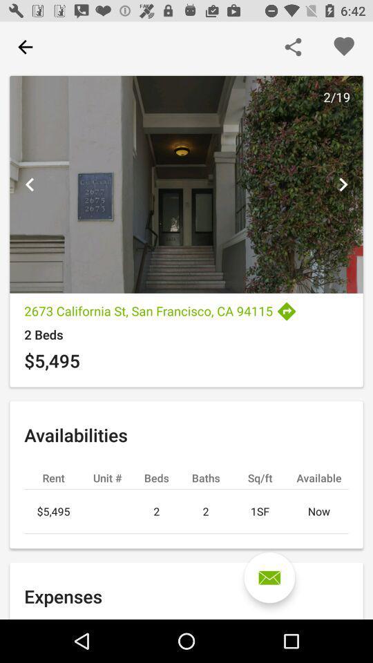  Describe the element at coordinates (292, 47) in the screenshot. I see `share` at that location.